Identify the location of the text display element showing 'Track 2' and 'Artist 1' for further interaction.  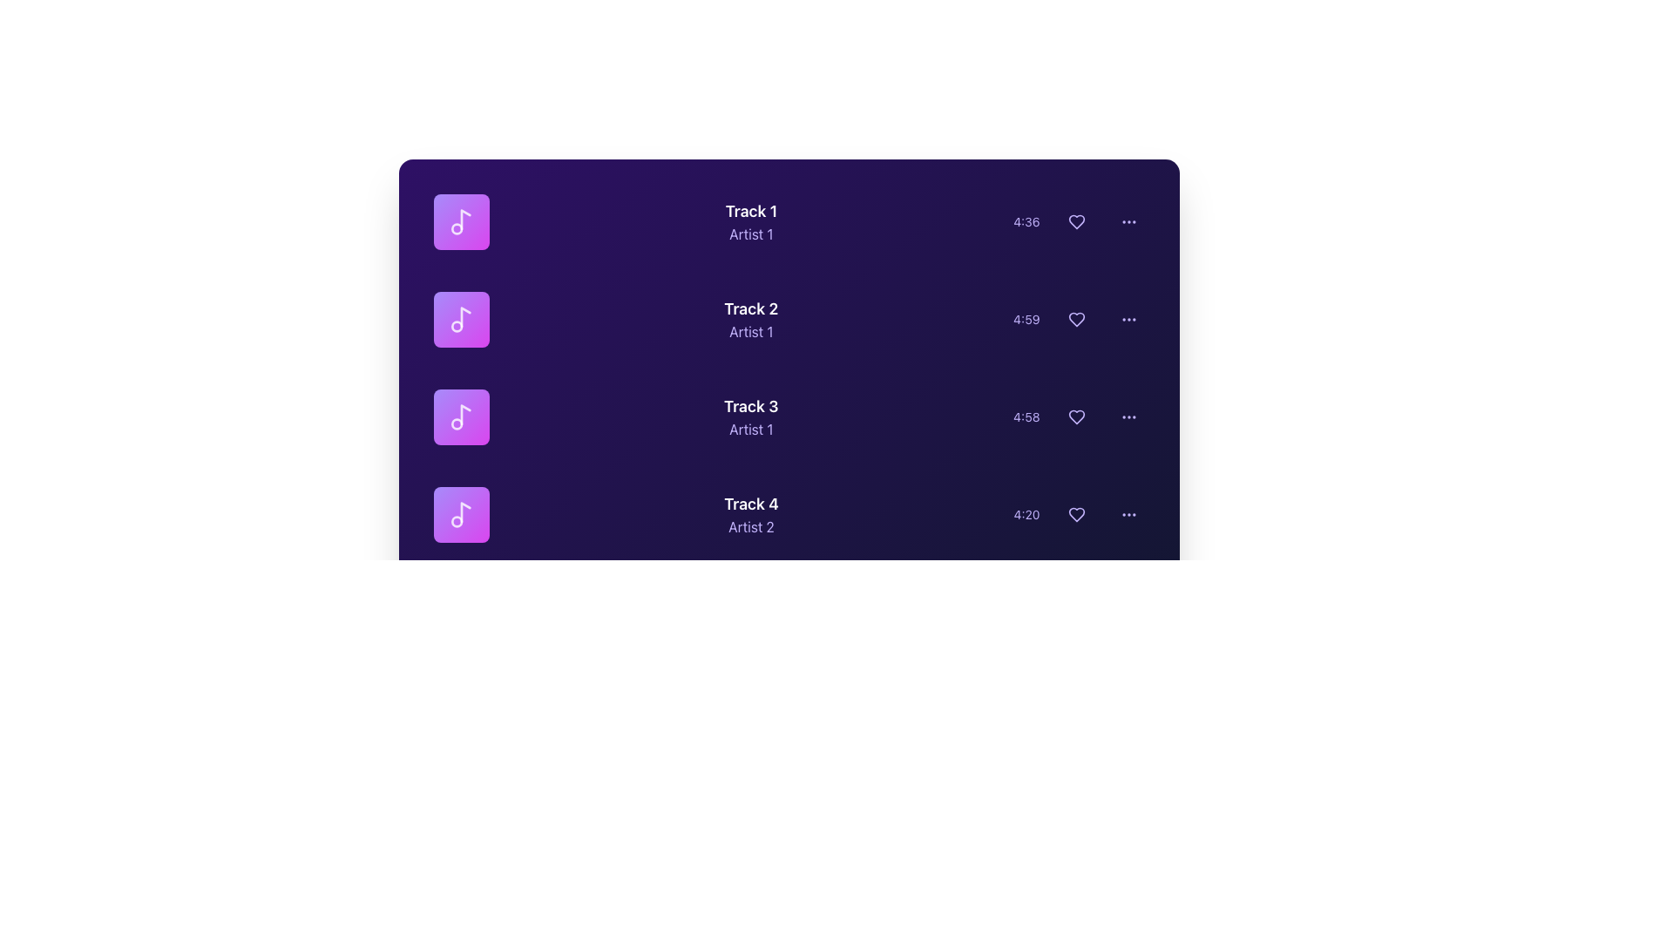
(751, 319).